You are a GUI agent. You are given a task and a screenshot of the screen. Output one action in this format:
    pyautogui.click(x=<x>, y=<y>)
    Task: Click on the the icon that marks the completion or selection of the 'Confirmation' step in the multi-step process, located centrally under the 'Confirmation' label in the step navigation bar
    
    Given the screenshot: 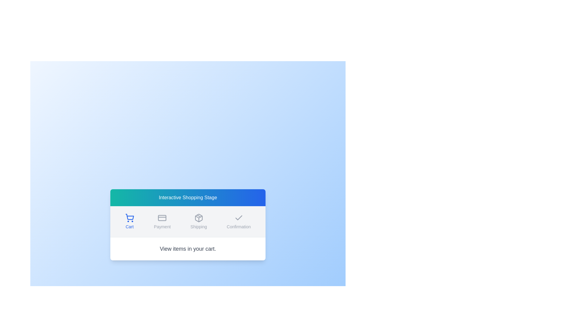 What is the action you would take?
    pyautogui.click(x=238, y=217)
    